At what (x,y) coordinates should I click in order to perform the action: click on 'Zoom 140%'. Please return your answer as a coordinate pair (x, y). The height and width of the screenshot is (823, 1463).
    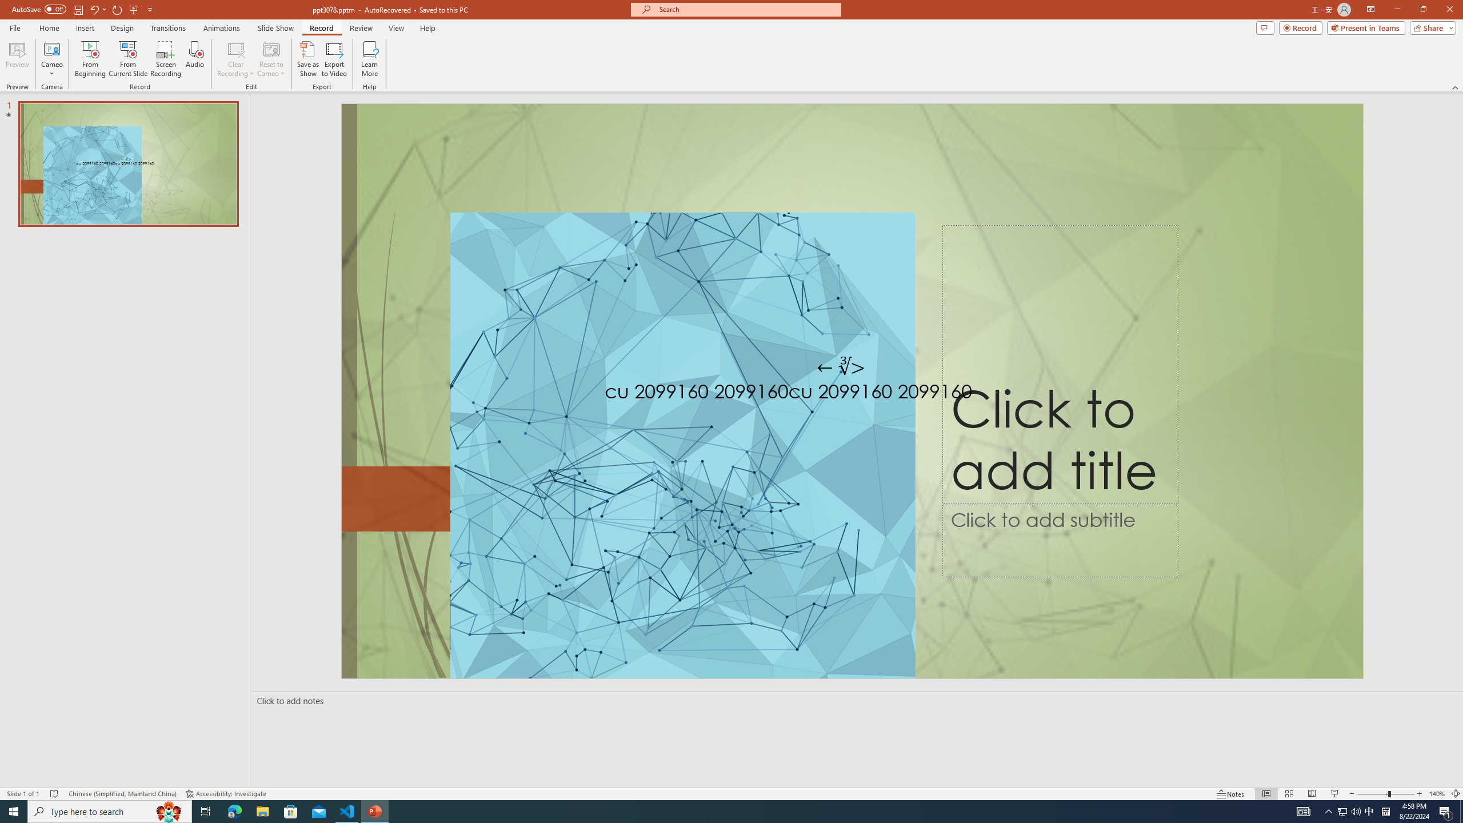
    Looking at the image, I should click on (1437, 794).